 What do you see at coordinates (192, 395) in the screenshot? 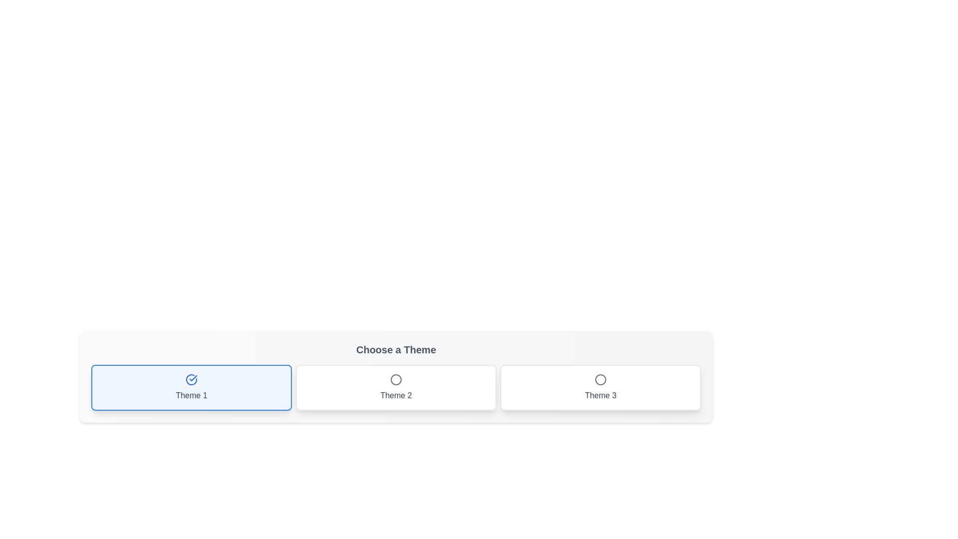
I see `the non-interactive text label located at the bottom-center of the first theme selection card, which identifies the theme for the user` at bounding box center [192, 395].